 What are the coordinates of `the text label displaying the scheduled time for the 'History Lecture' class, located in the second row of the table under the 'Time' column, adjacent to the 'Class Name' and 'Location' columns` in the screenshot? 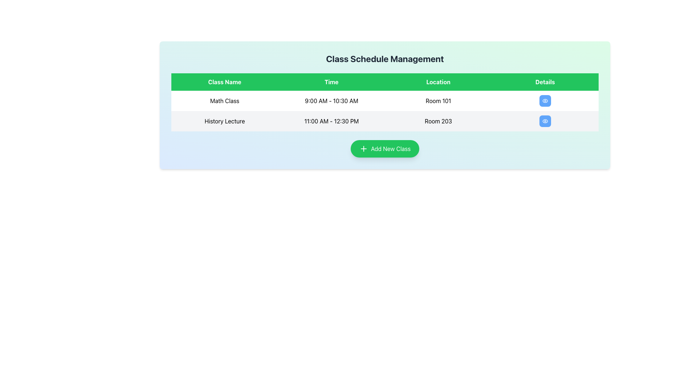 It's located at (331, 121).